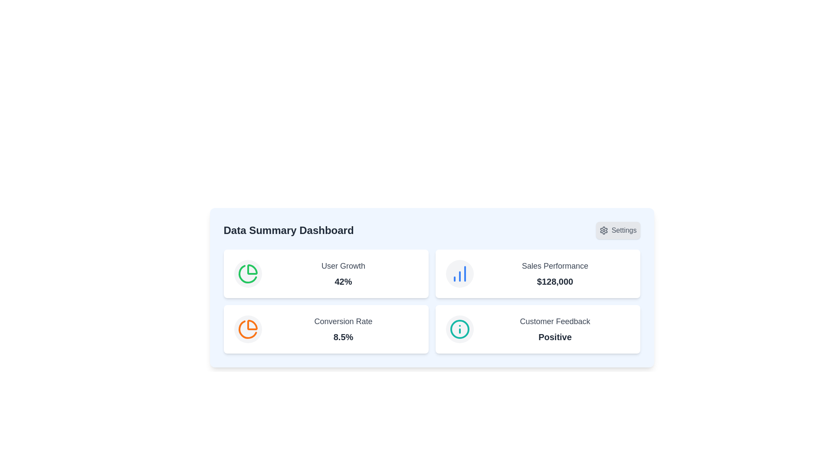  Describe the element at coordinates (459, 274) in the screenshot. I see `the decorative icon representing sales performance data, located in the top-right section of the 'Sales Performance' card, aligned left to the text '$128,000'` at that location.